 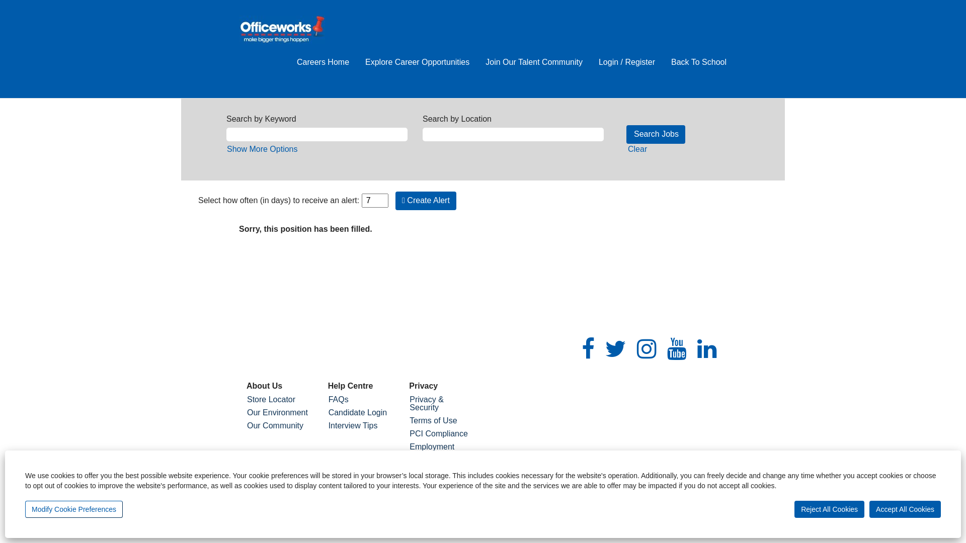 What do you see at coordinates (869, 509) in the screenshot?
I see `'Accept All Cookies'` at bounding box center [869, 509].